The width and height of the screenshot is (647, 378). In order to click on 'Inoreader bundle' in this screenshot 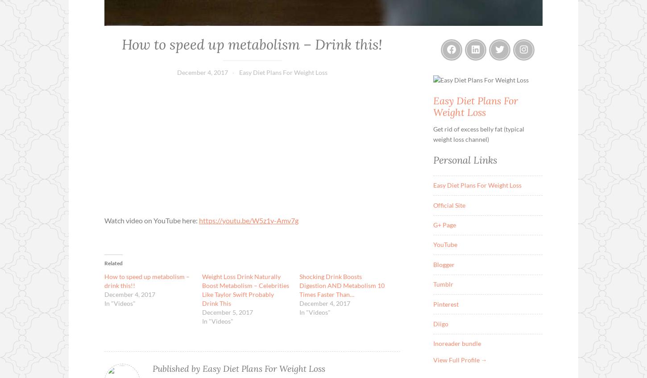, I will do `click(456, 343)`.